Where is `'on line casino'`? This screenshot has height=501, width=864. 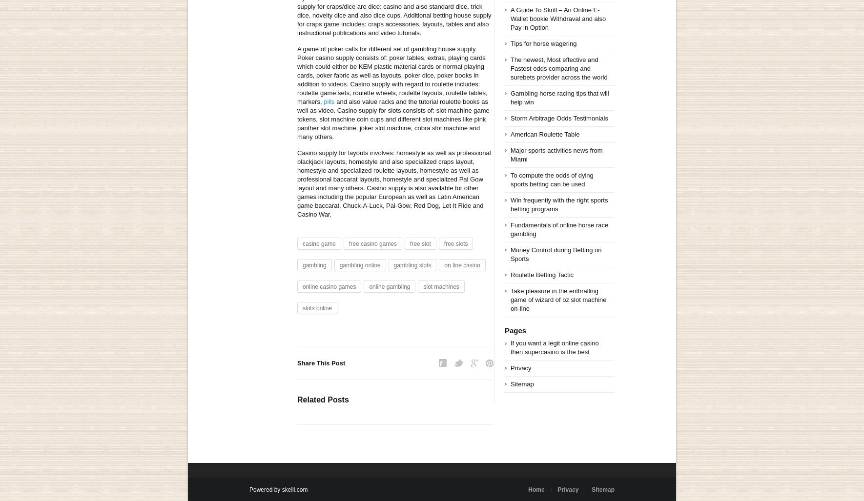 'on line casino' is located at coordinates (461, 265).